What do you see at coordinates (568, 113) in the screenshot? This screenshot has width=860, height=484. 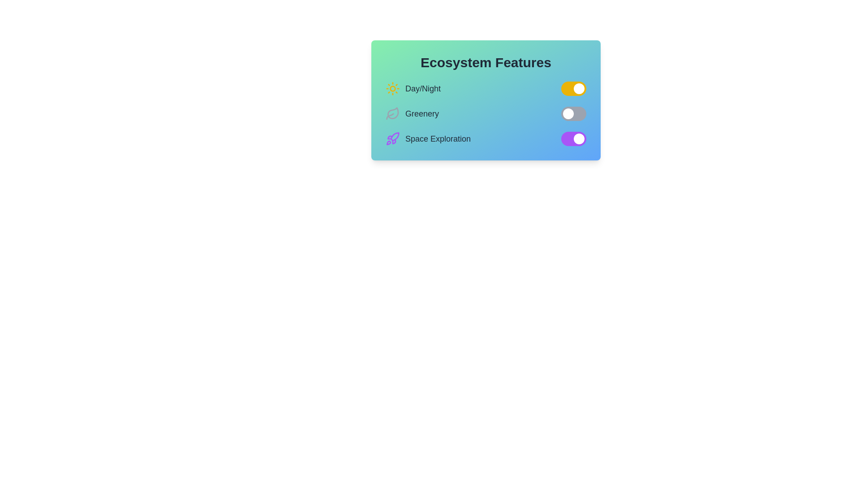 I see `the toggle knob of the middle toggle switch` at bounding box center [568, 113].